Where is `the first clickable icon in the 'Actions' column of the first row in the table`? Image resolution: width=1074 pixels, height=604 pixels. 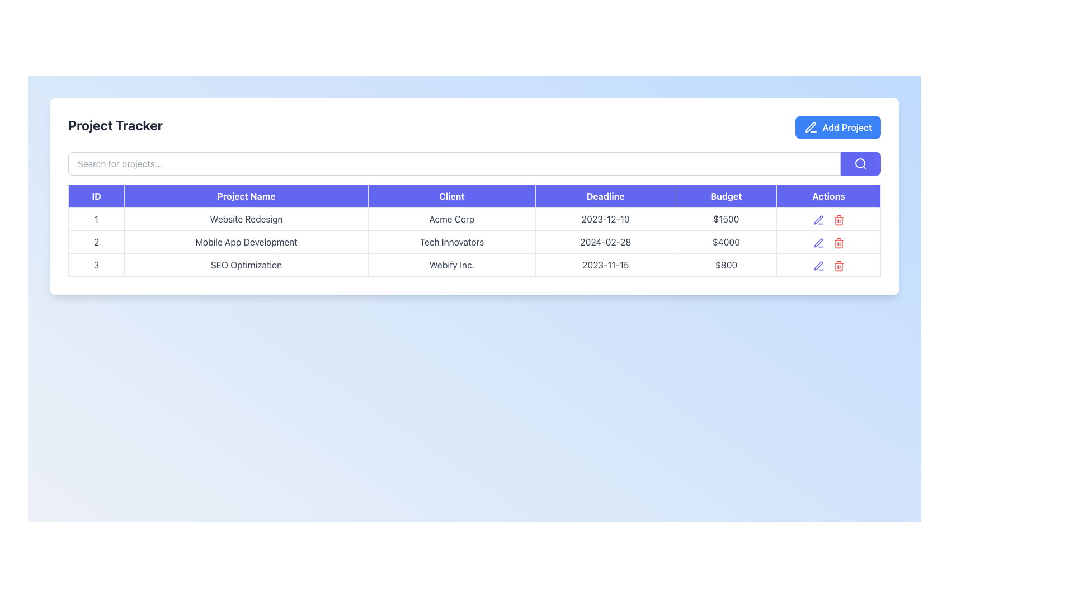
the first clickable icon in the 'Actions' column of the first row in the table is located at coordinates (818, 219).